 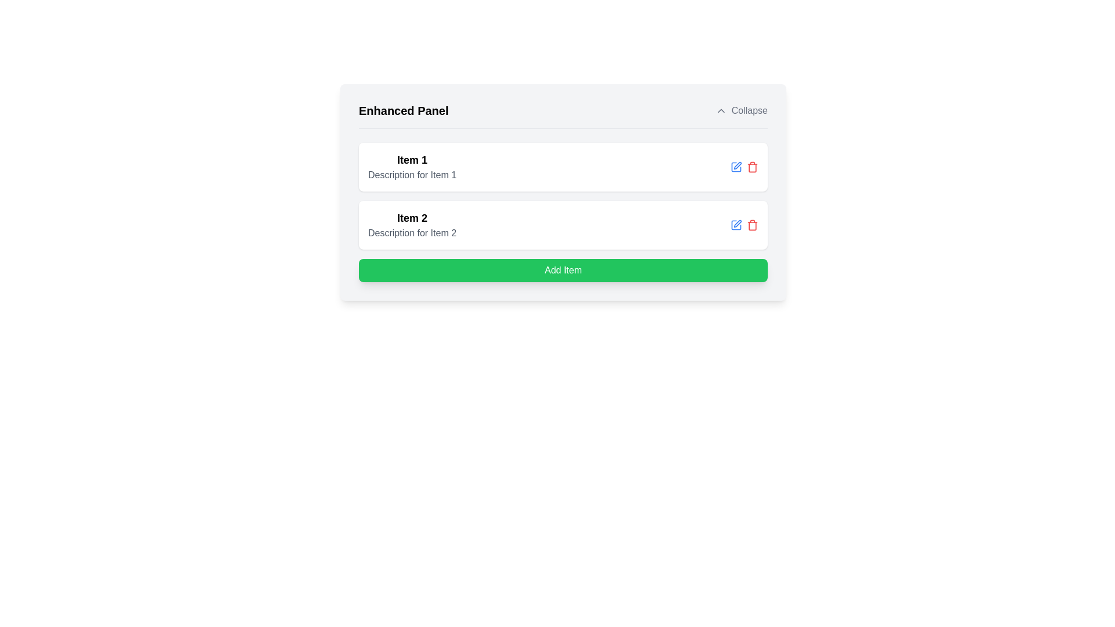 What do you see at coordinates (749, 111) in the screenshot?
I see `the label indicating the action of collapsing the associated panel, located to the right of the upward chevron icon in the panel's header area` at bounding box center [749, 111].